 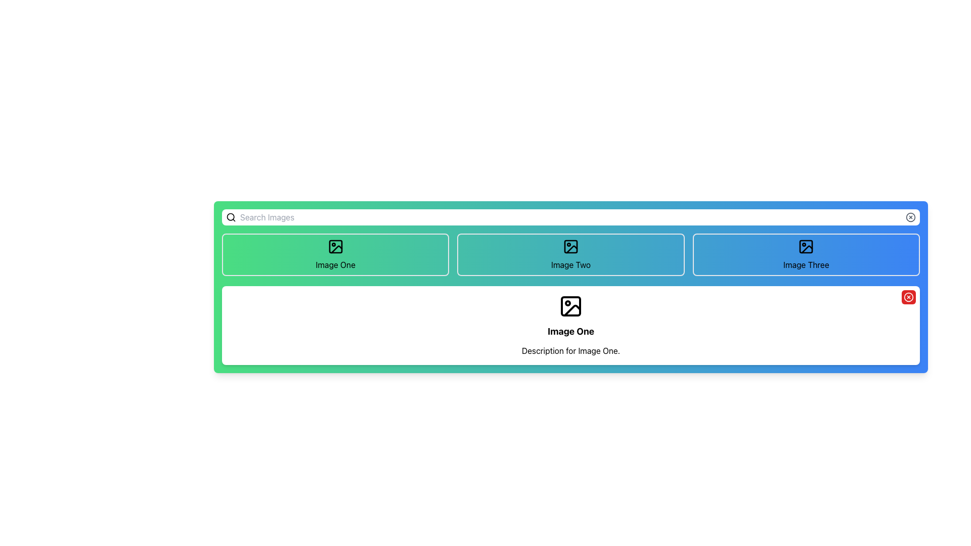 I want to click on the rectangular button with rounded corners and a gradient background labeled 'Image One', so click(x=335, y=254).